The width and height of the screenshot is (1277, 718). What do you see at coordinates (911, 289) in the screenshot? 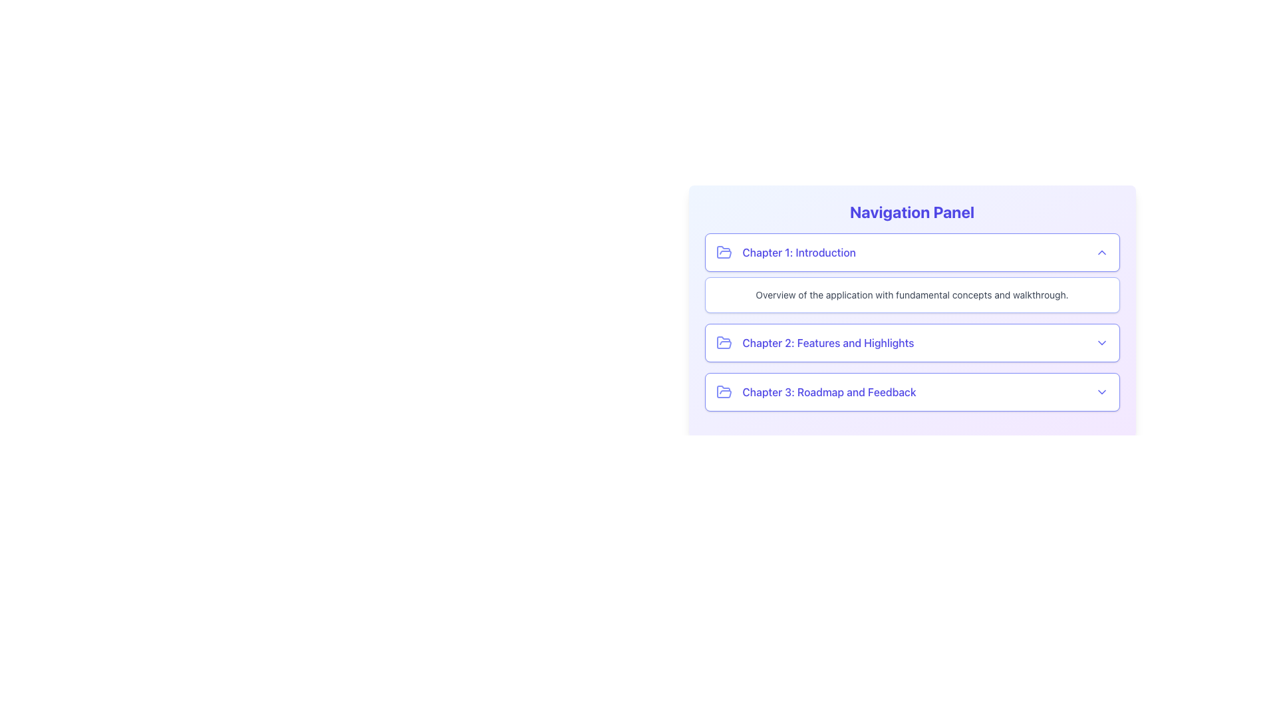
I see `the Text Display element that contains the title 'Overview of the application with fundamental concepts and walkthrough.'` at bounding box center [911, 289].